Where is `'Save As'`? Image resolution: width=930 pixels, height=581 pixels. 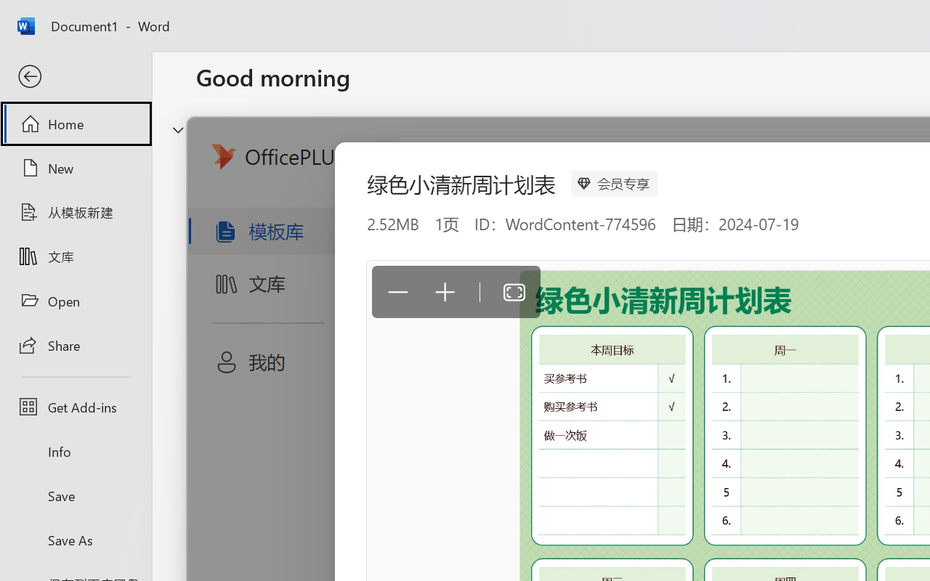
'Save As' is located at coordinates (75, 540).